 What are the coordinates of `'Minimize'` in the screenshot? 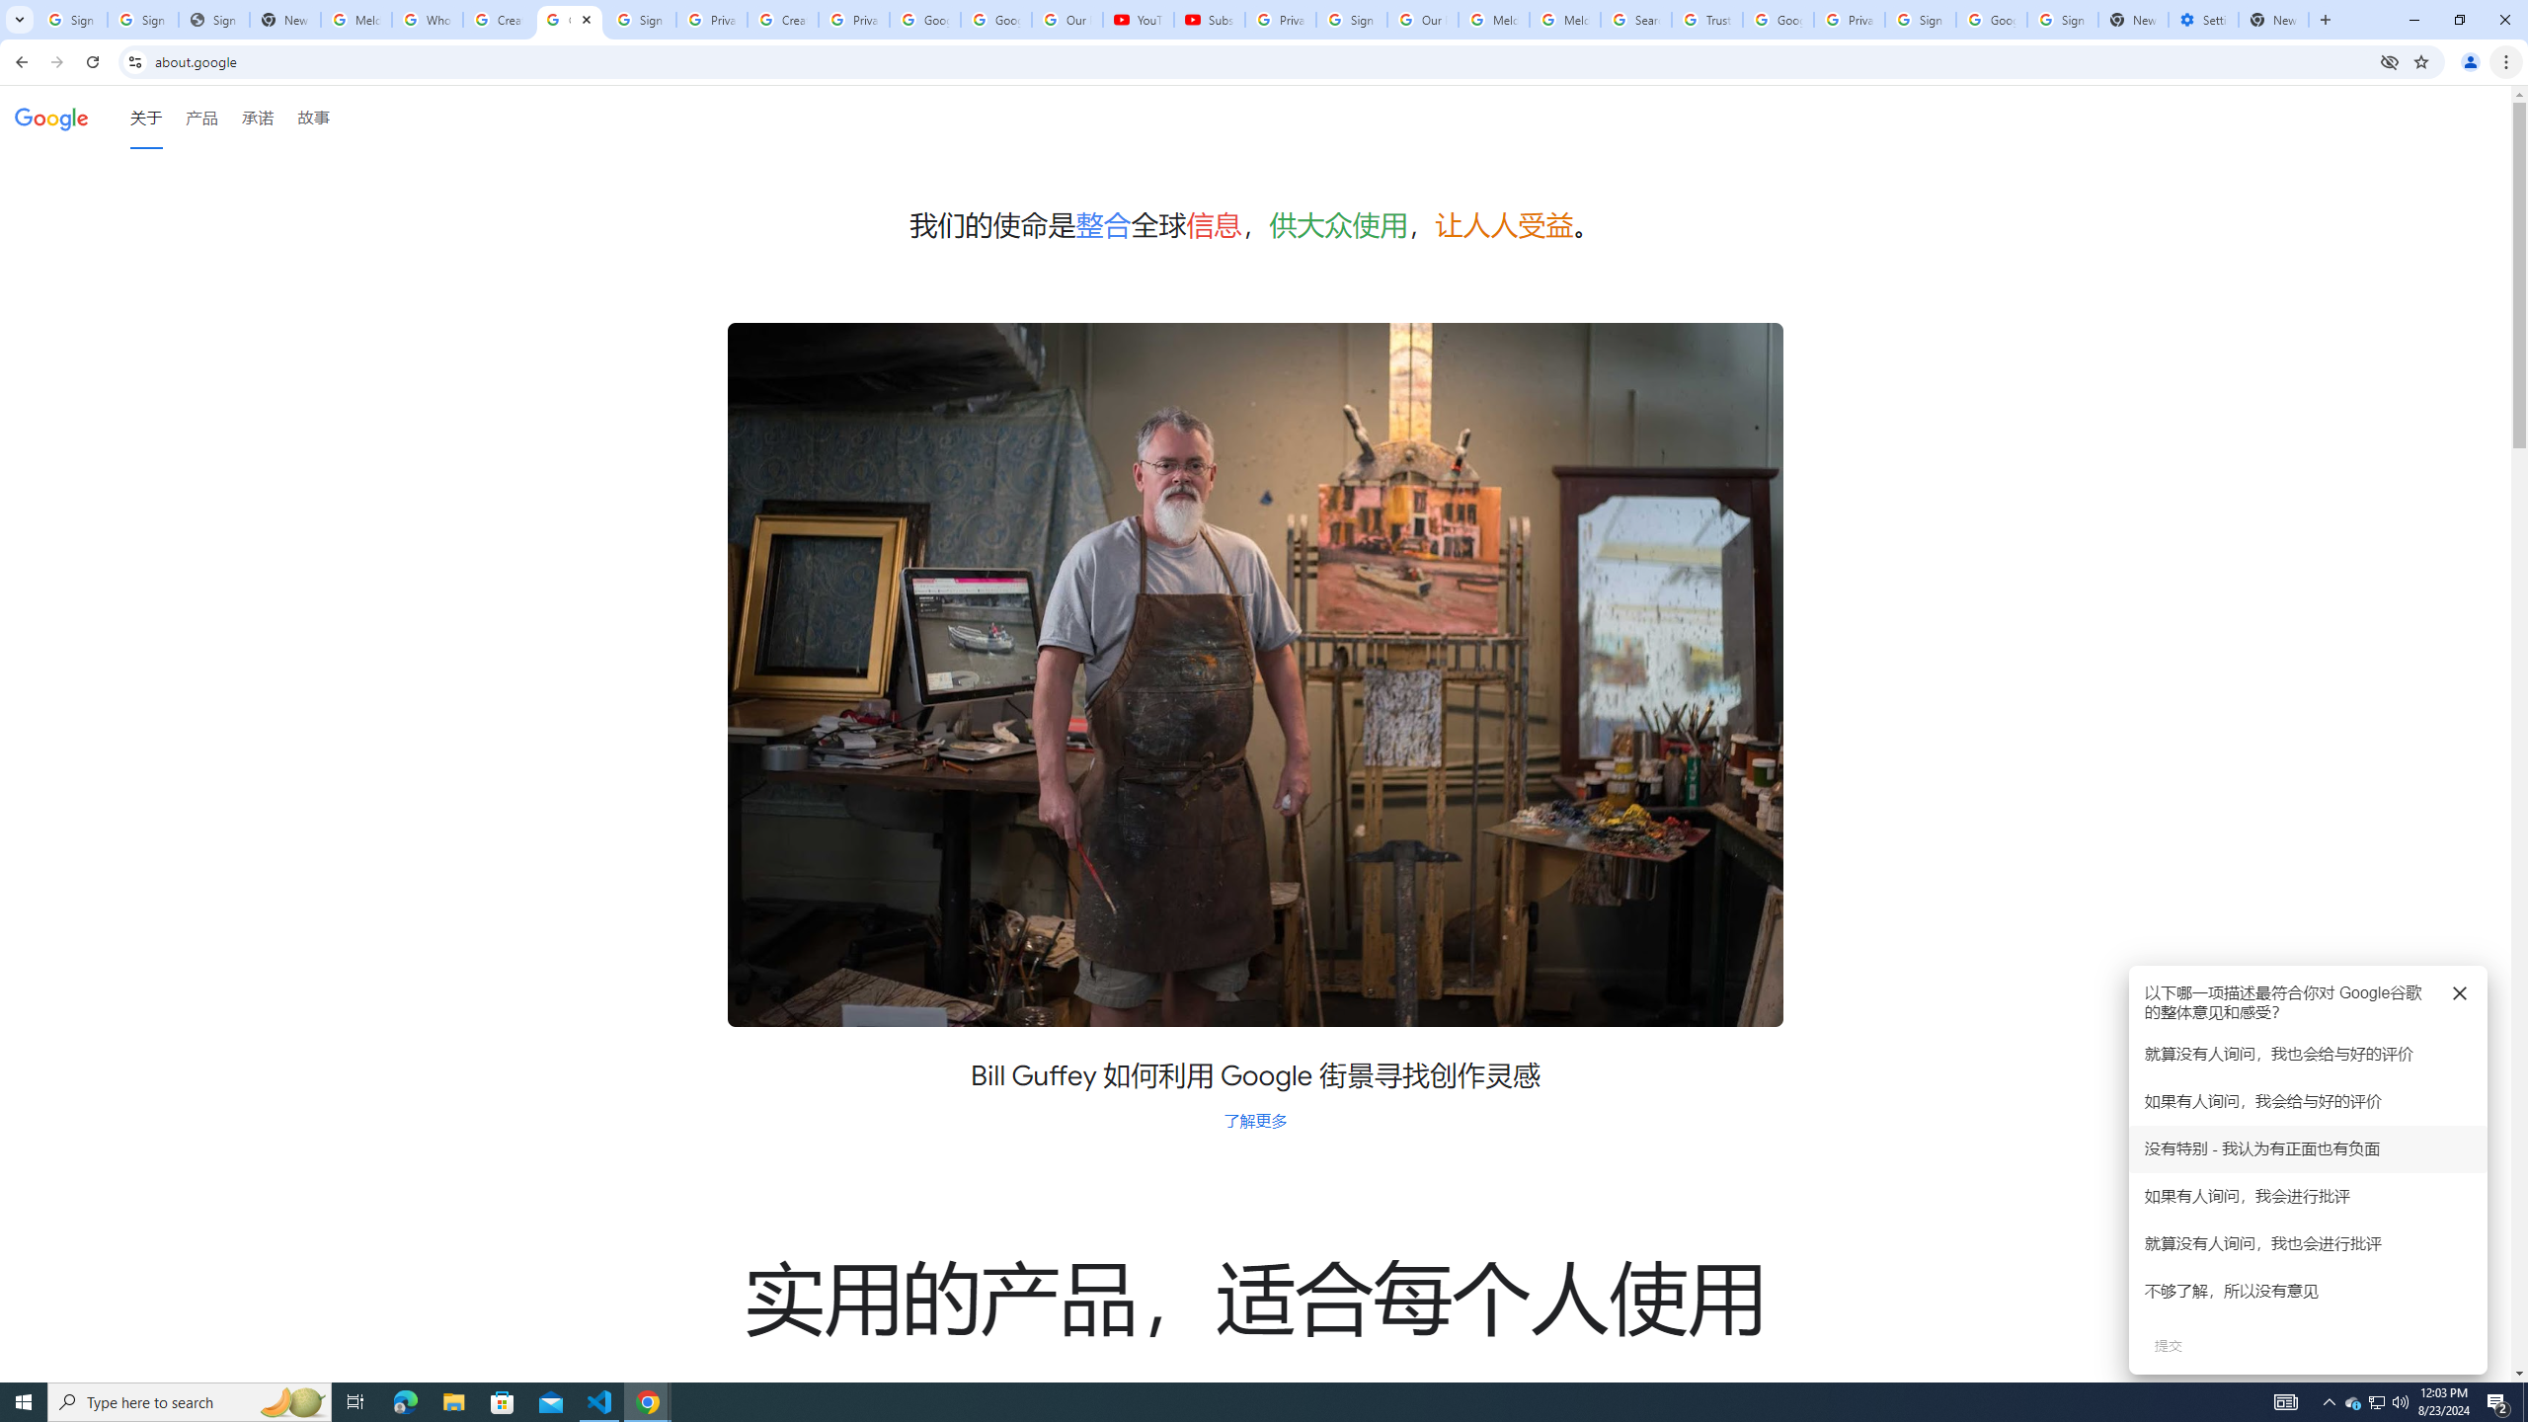 It's located at (2412, 19).